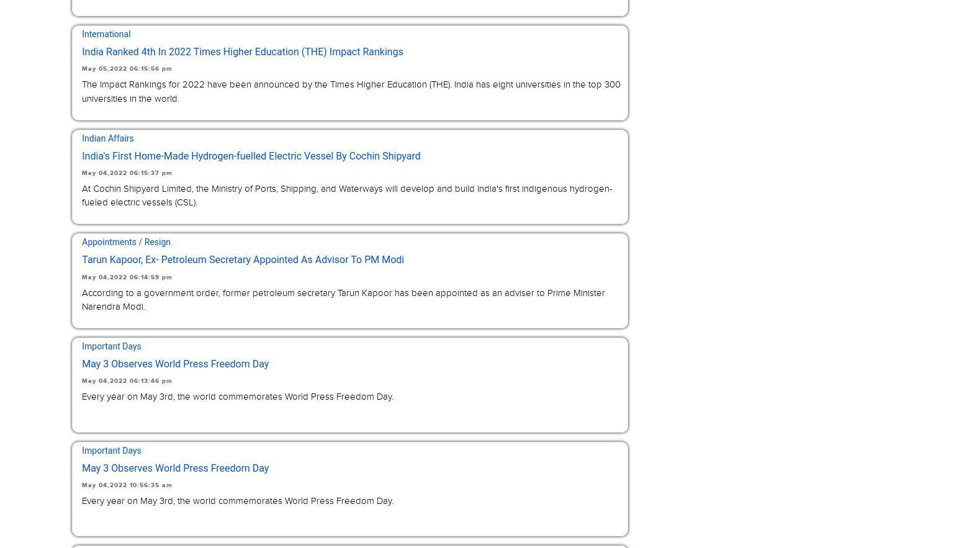  I want to click on 'May 04,2022 06:14:59 pm', so click(127, 276).